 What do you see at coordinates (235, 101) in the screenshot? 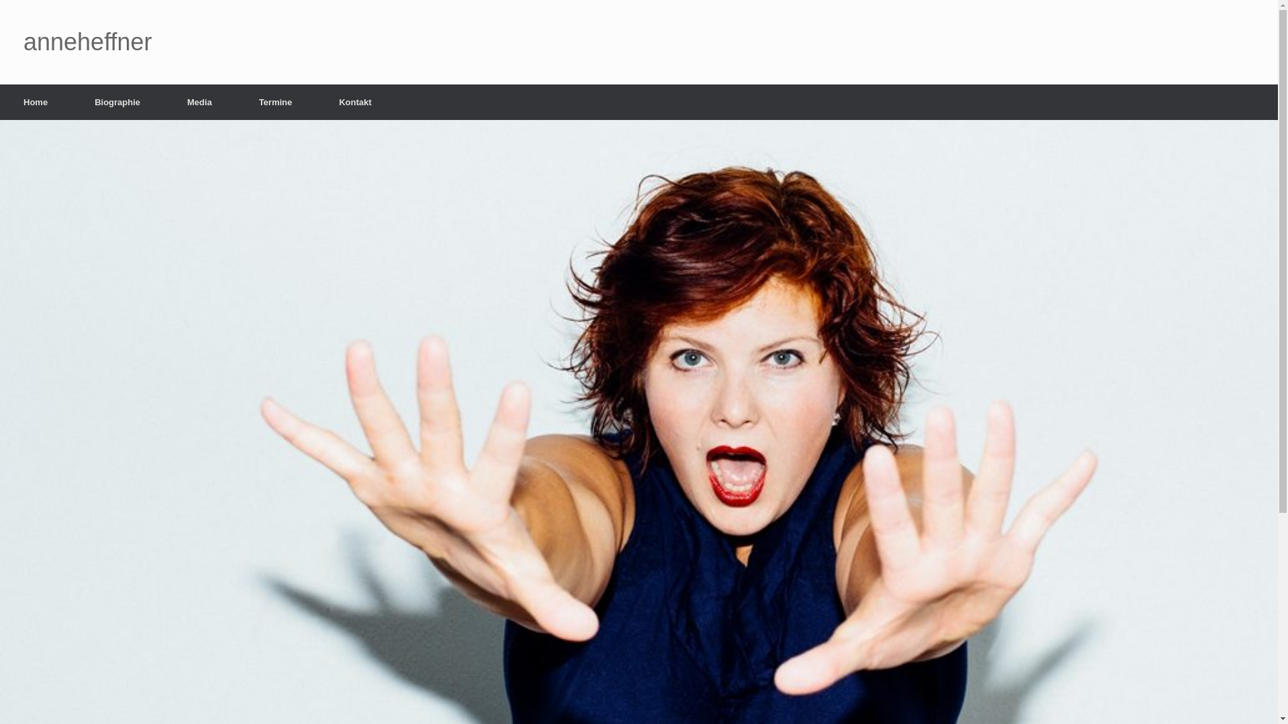
I see `'Termine'` at bounding box center [235, 101].